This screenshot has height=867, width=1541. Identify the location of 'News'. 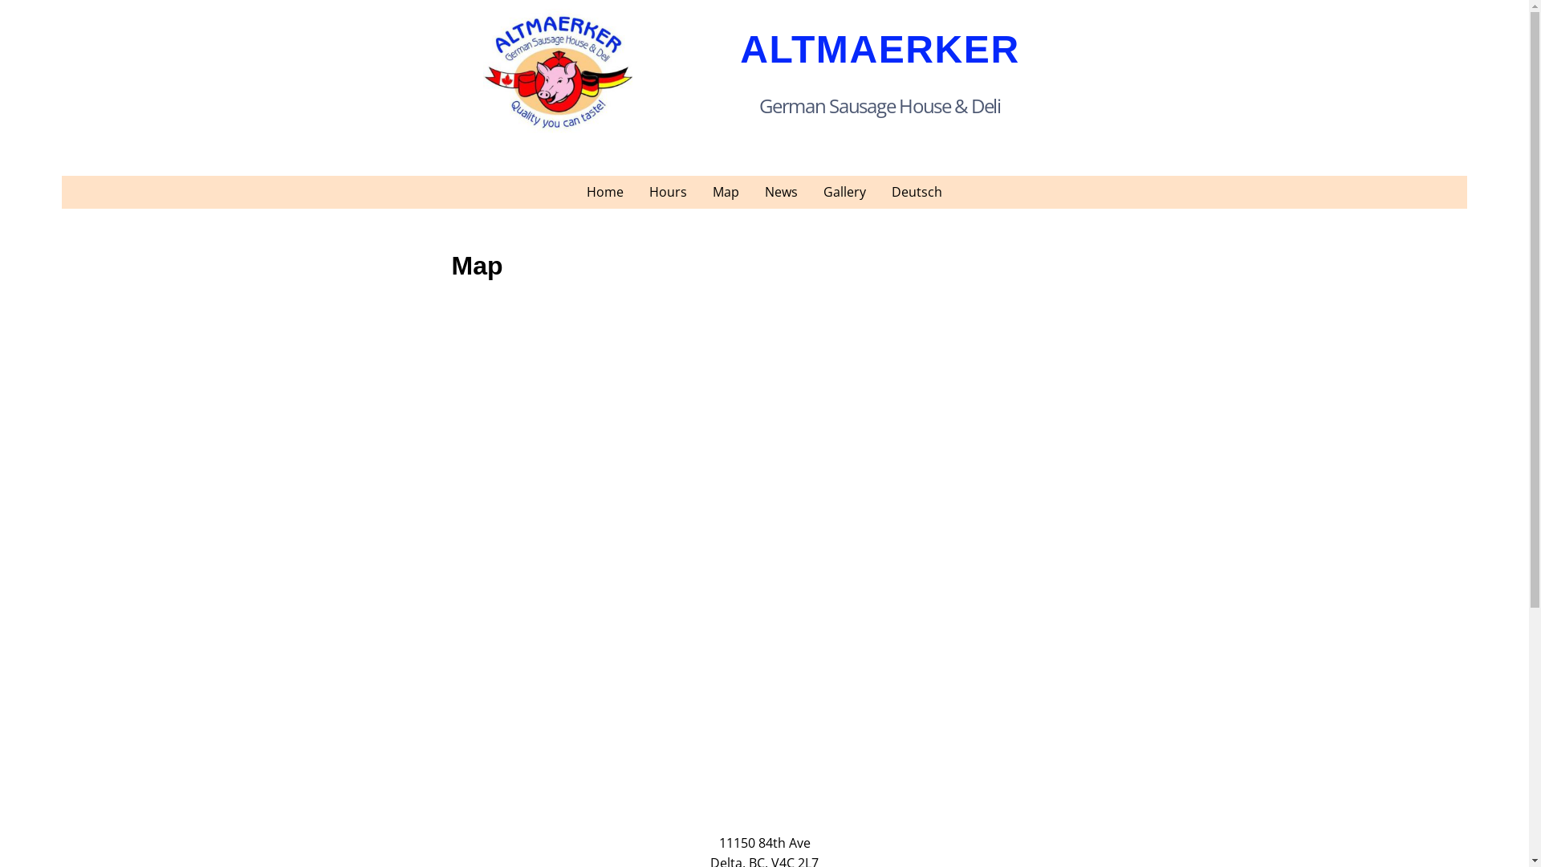
(750, 191).